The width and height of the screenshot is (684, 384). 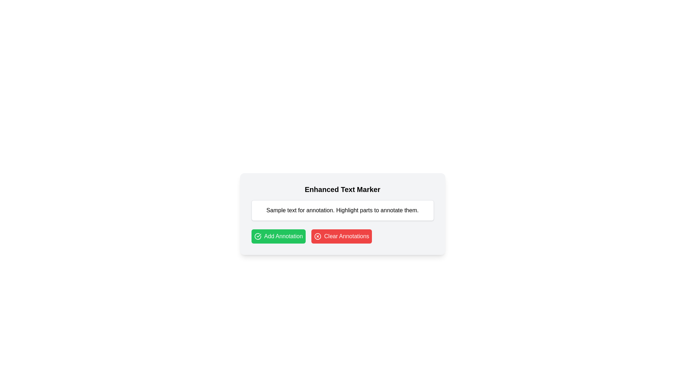 I want to click on on the letter 'a' in the text block 'Sample text for annotation. Highlight parts, so click(x=308, y=210).